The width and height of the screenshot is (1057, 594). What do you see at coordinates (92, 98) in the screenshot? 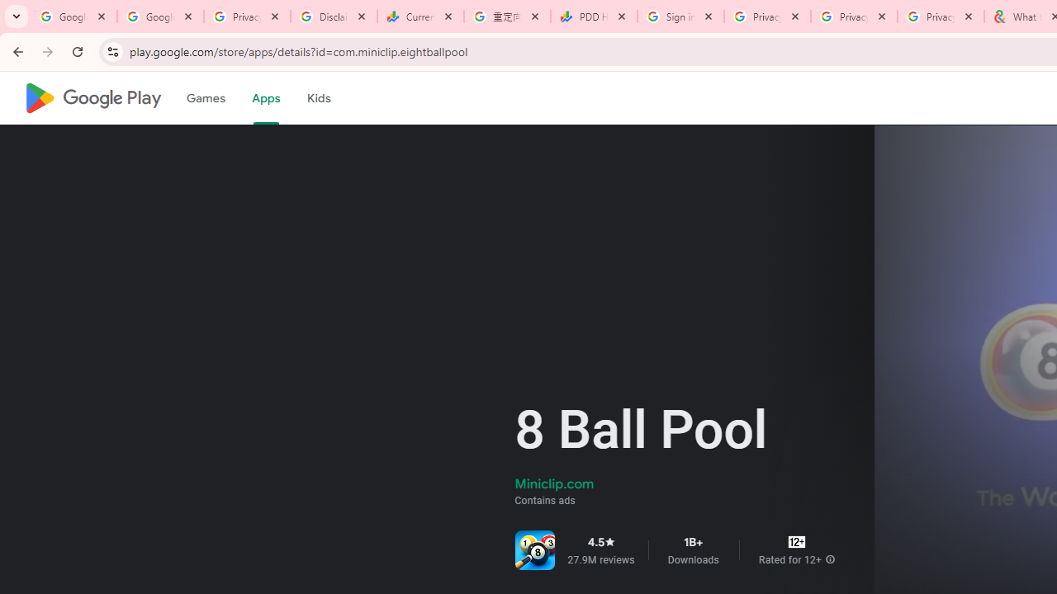
I see `'Google Play logo'` at bounding box center [92, 98].